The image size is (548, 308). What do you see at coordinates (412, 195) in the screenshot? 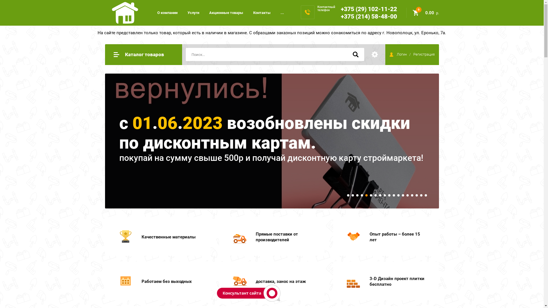
I see `'15'` at bounding box center [412, 195].